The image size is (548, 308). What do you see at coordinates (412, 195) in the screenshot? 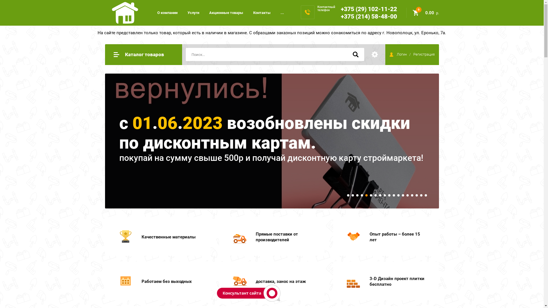
I see `'15'` at bounding box center [412, 195].